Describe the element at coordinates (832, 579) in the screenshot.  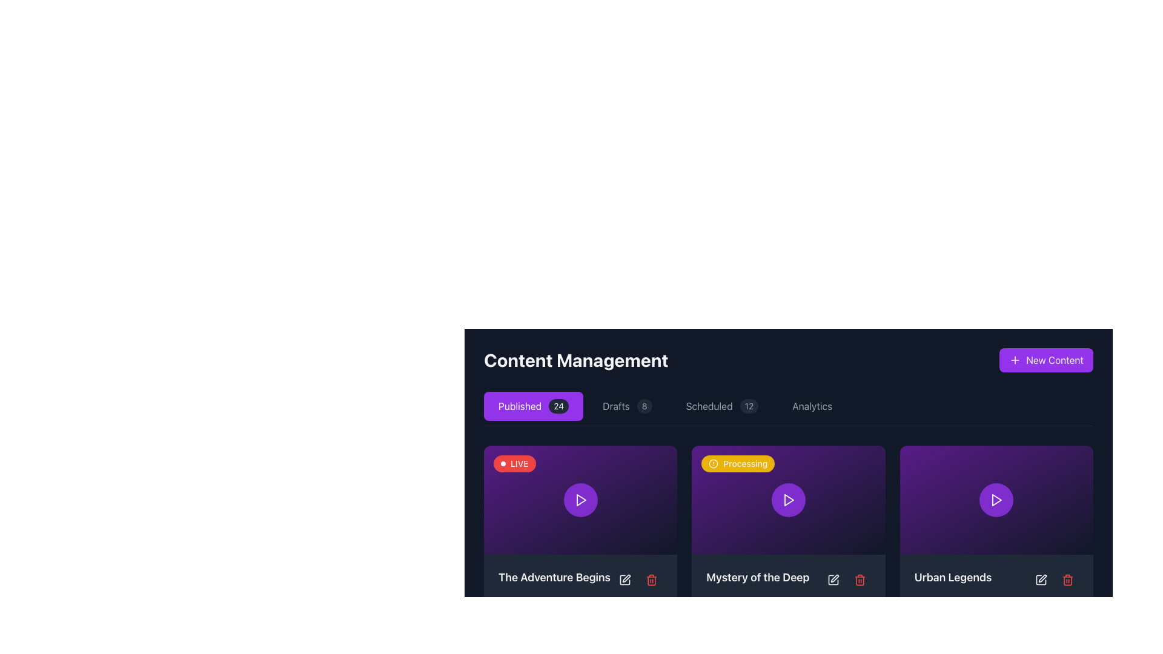
I see `the 'Edit' button icon located in the bottom-right corner of the card labeled 'Mystery of the Deep'` at that location.